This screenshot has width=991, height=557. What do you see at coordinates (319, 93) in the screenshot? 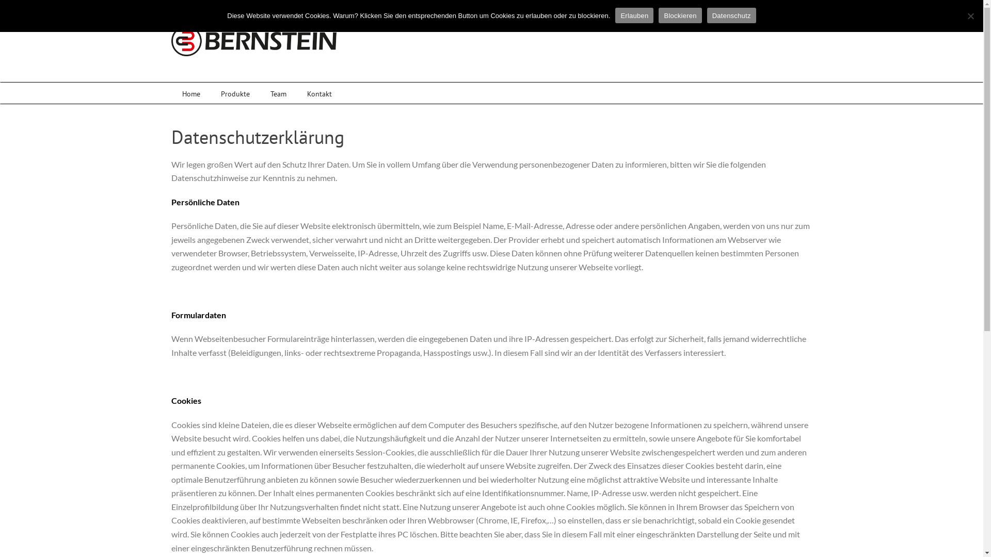
I see `'Kontakt'` at bounding box center [319, 93].